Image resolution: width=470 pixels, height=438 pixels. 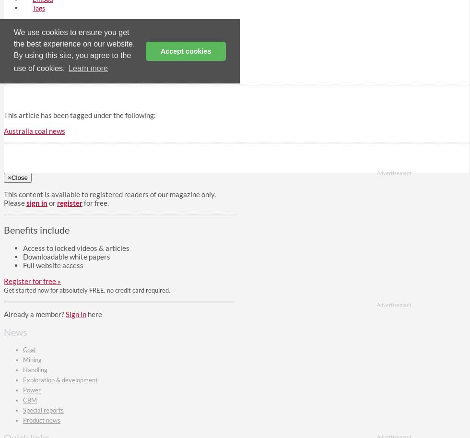 I want to click on 'here', so click(x=94, y=313).